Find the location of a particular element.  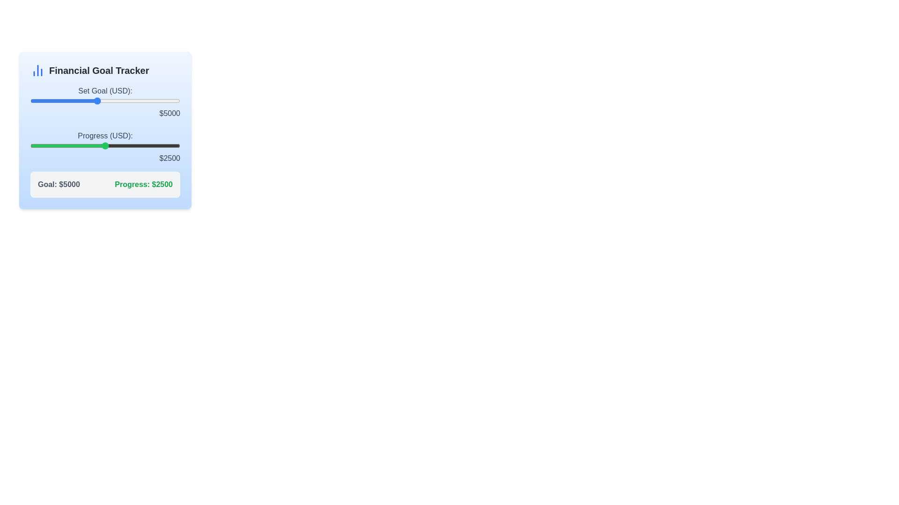

the progress slider to 2509 USD is located at coordinates (105, 146).